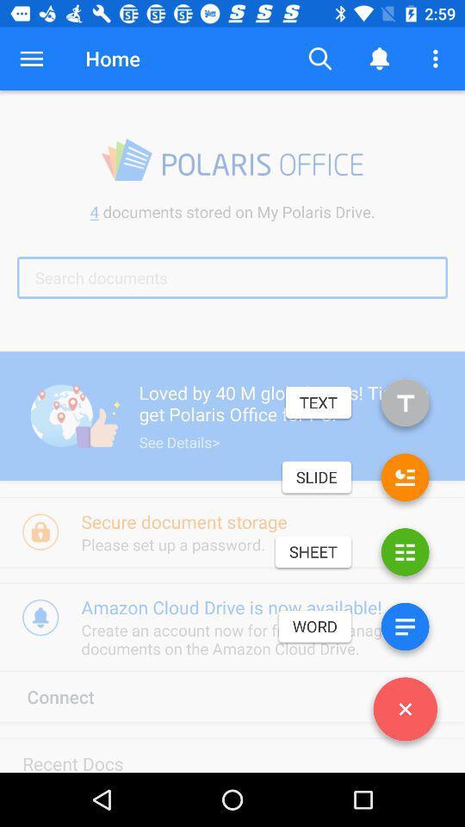 The image size is (465, 827). Describe the element at coordinates (405, 406) in the screenshot. I see `open new text documents` at that location.